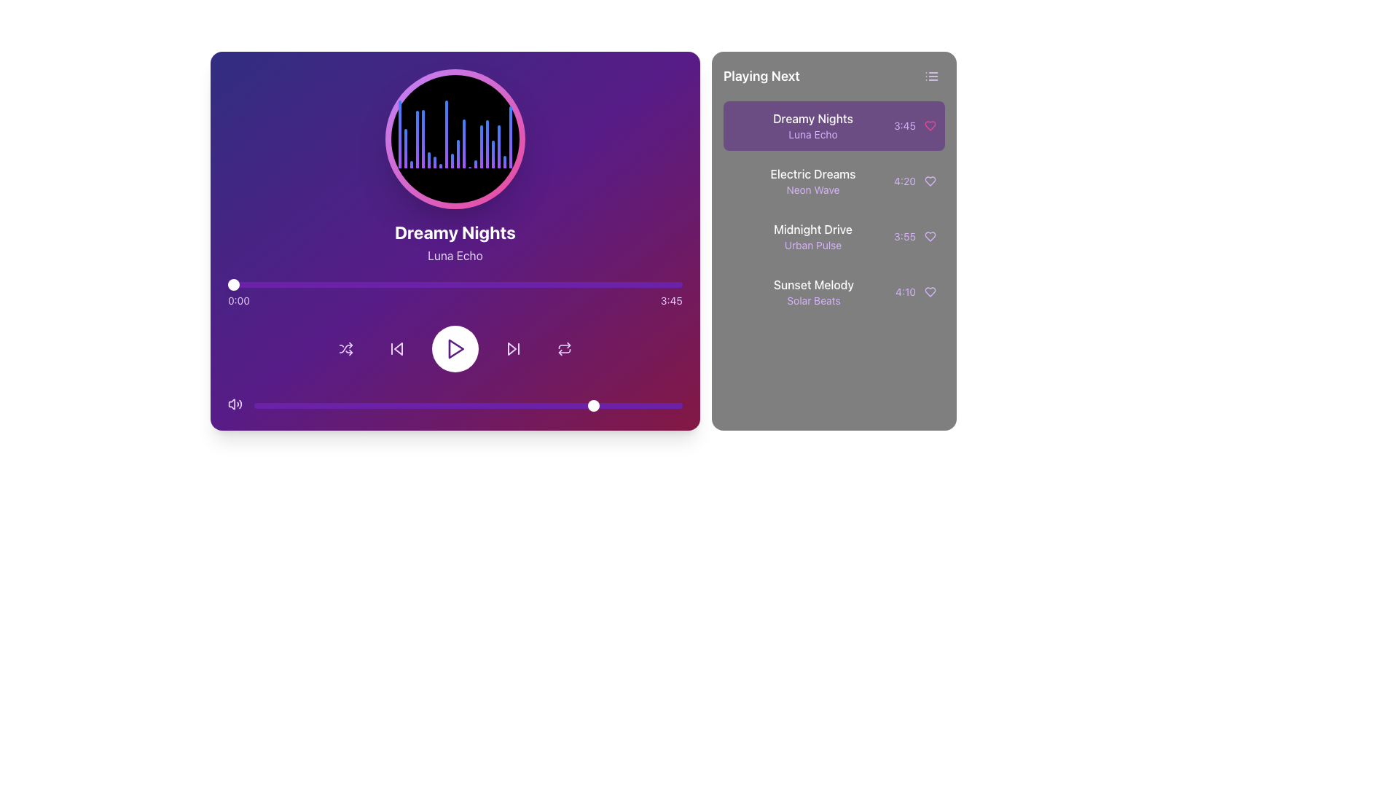 This screenshot has width=1399, height=787. Describe the element at coordinates (914, 235) in the screenshot. I see `the heart icon next to the '3:55' Duration display in purple, part of the 'Midnight Drive' entry under 'Playing Next'` at that location.